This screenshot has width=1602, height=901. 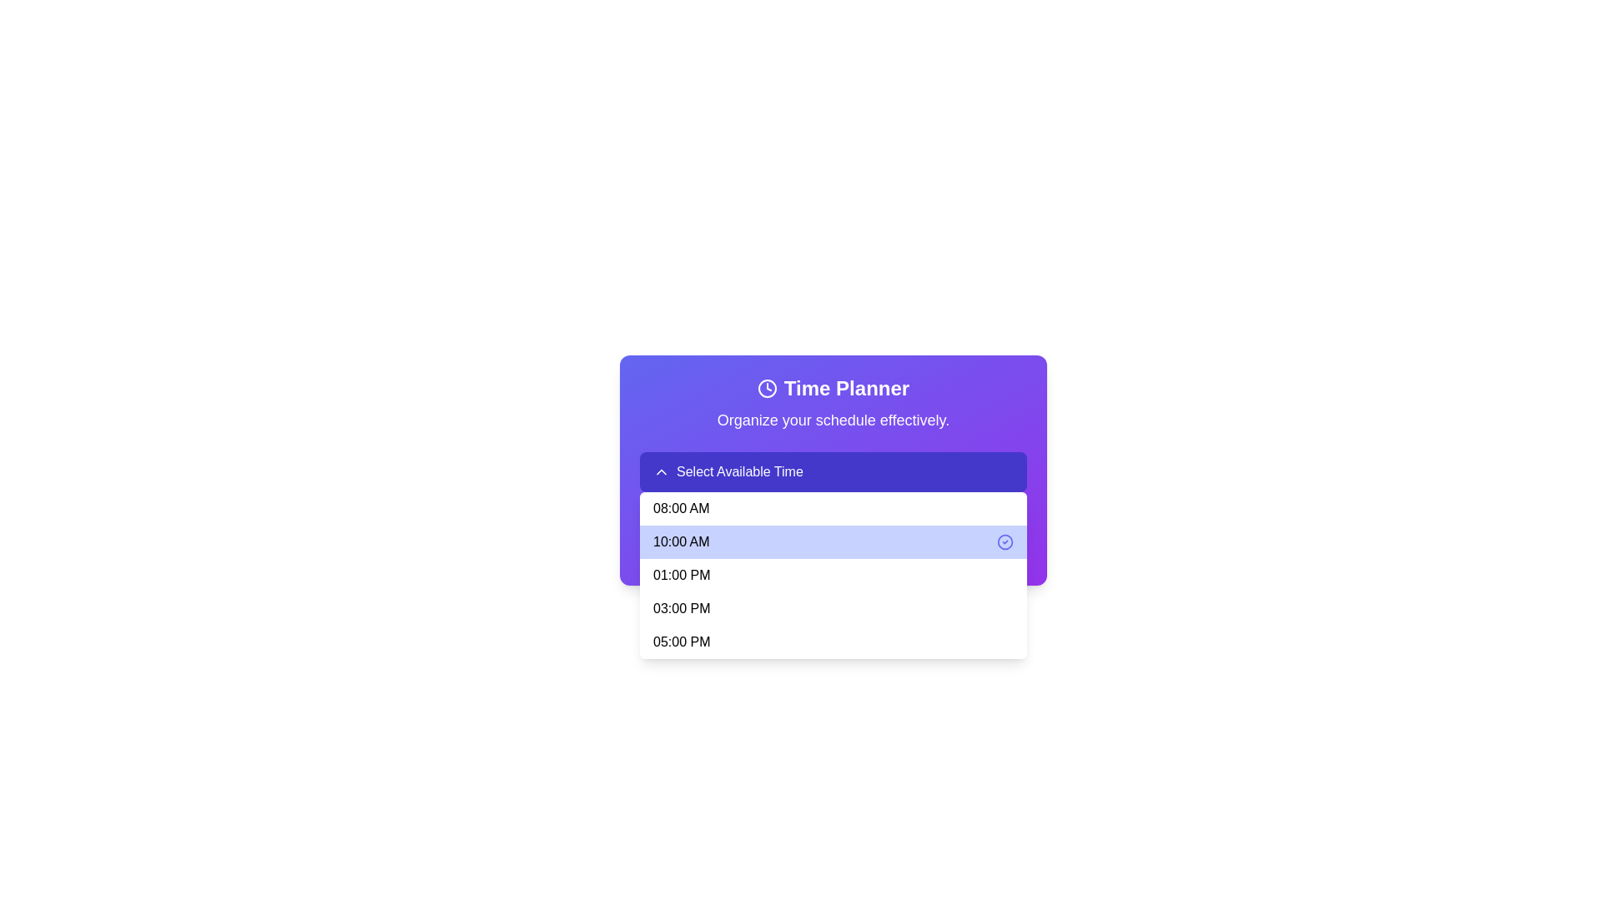 What do you see at coordinates (833, 470) in the screenshot?
I see `the time slot in the centrally located time selection panel` at bounding box center [833, 470].